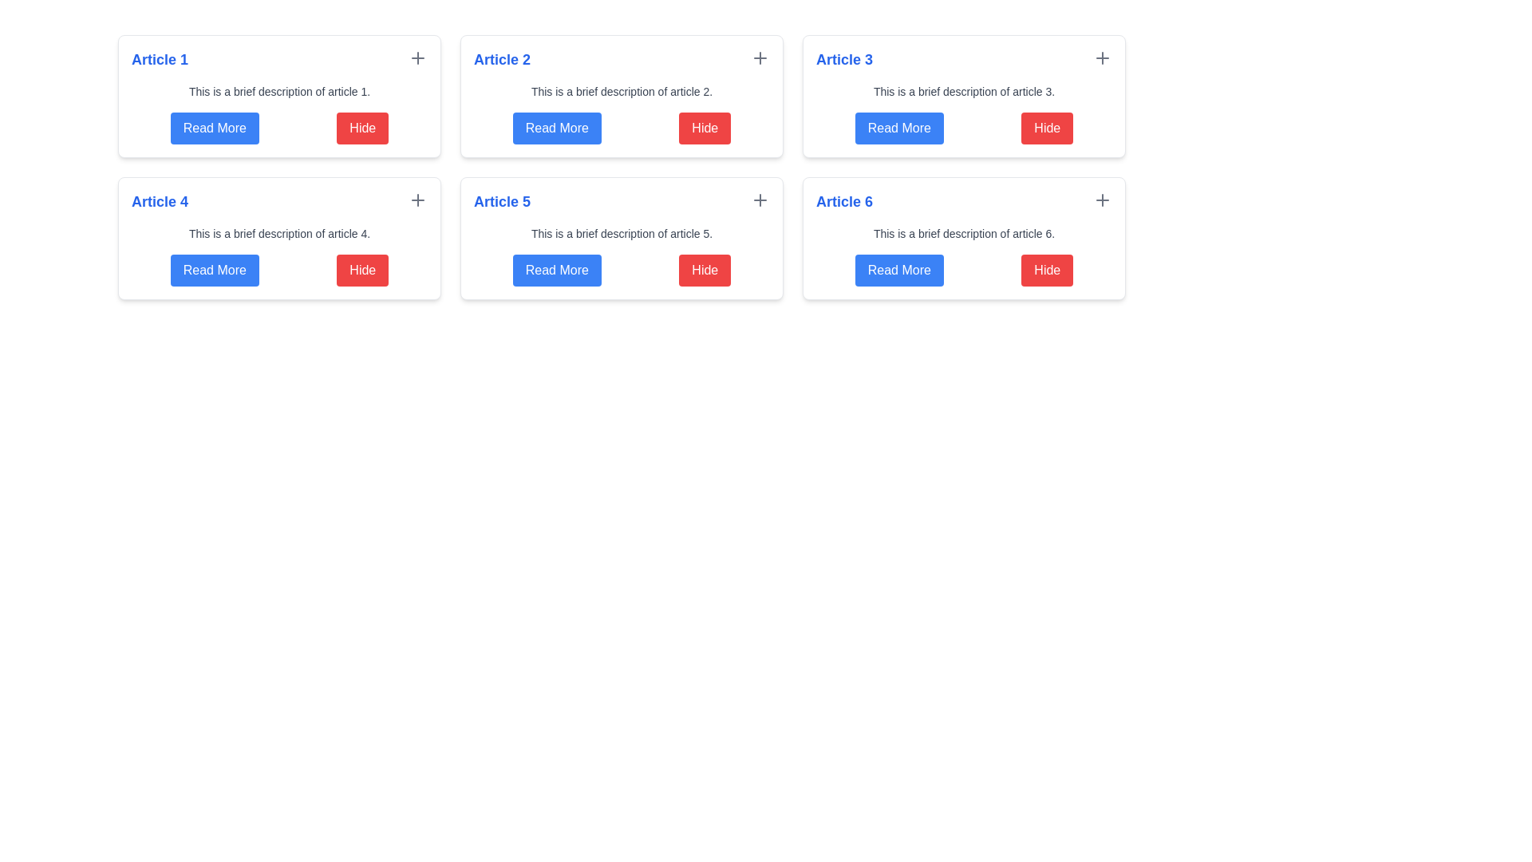 The image size is (1532, 862). I want to click on the small, gray circular button with a plus sign located in the top-right corner of the card labeled 'Article 6', so click(1102, 199).